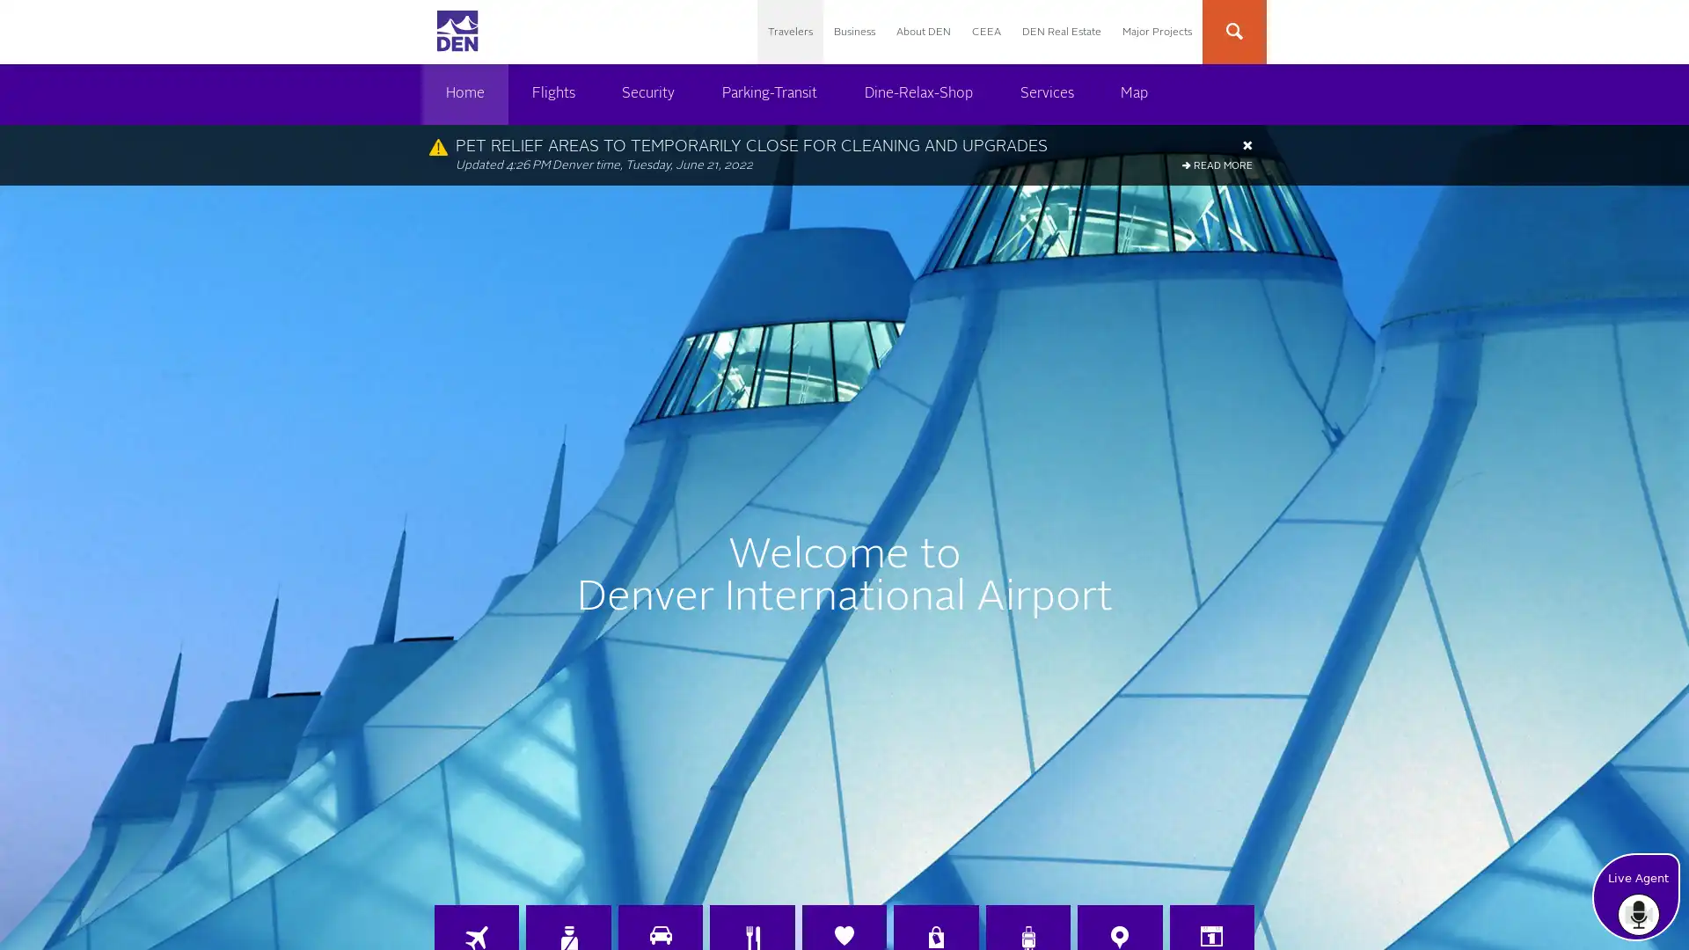  What do you see at coordinates (1411, 33) in the screenshot?
I see `Search` at bounding box center [1411, 33].